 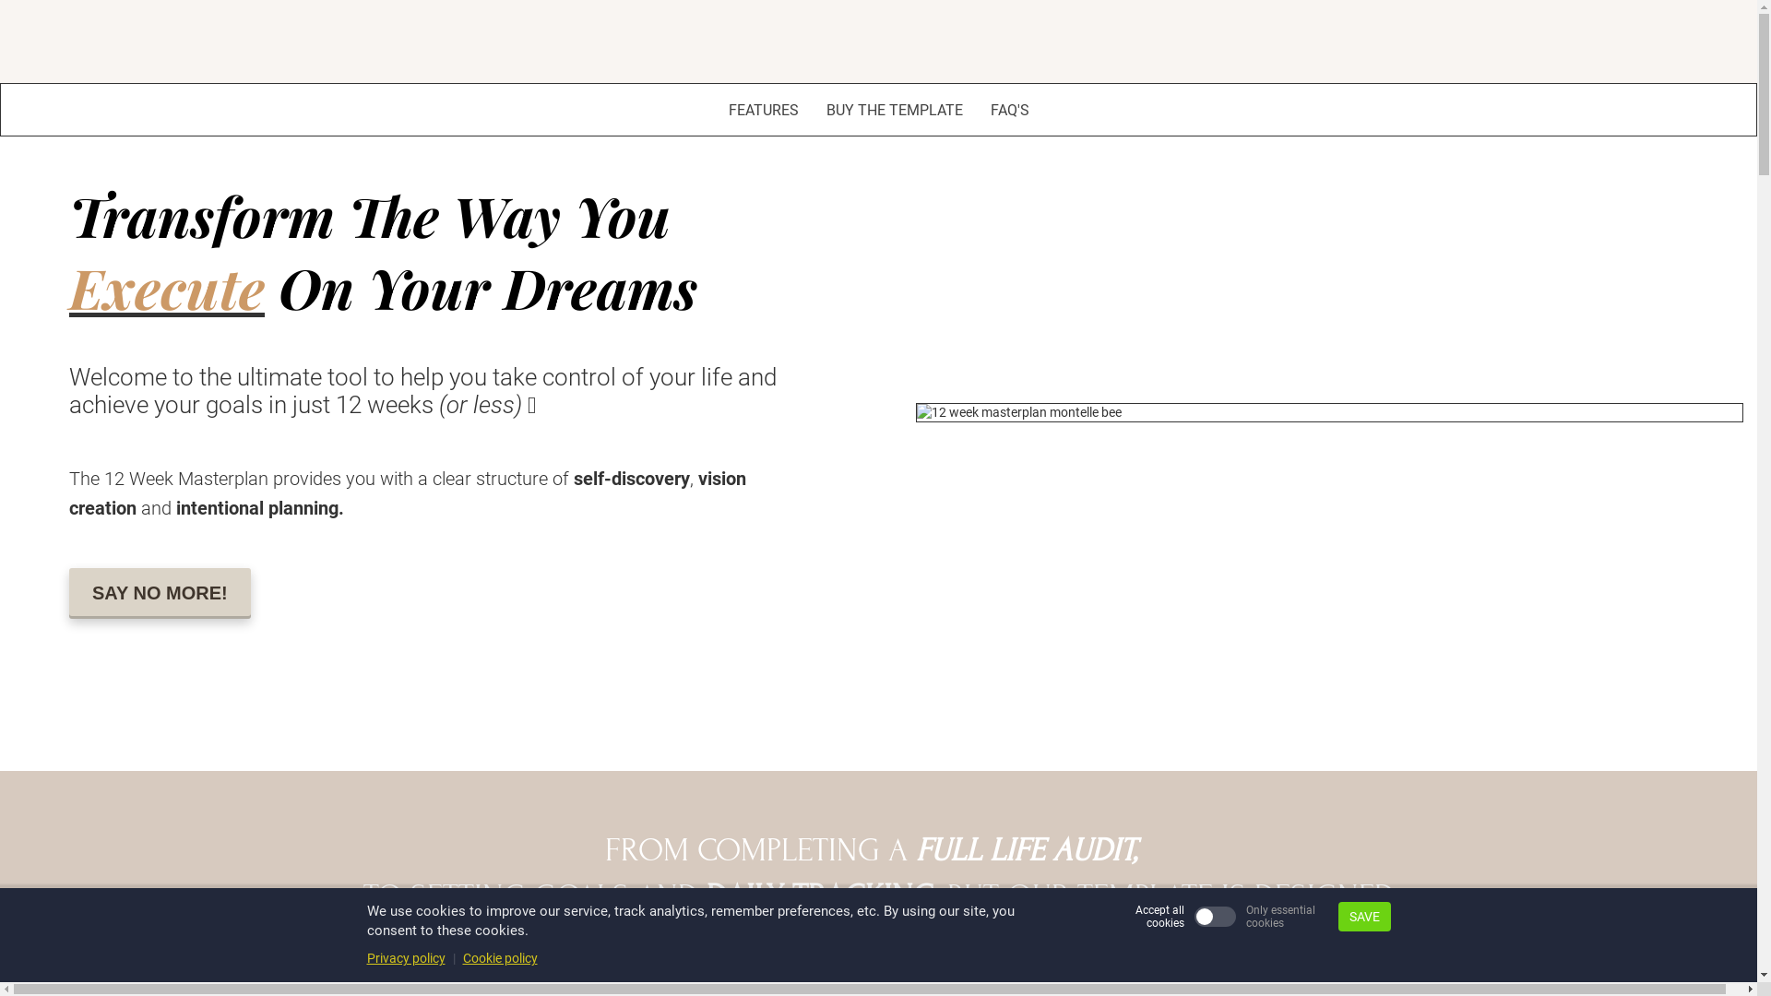 What do you see at coordinates (160, 593) in the screenshot?
I see `'SAY NO MORE!'` at bounding box center [160, 593].